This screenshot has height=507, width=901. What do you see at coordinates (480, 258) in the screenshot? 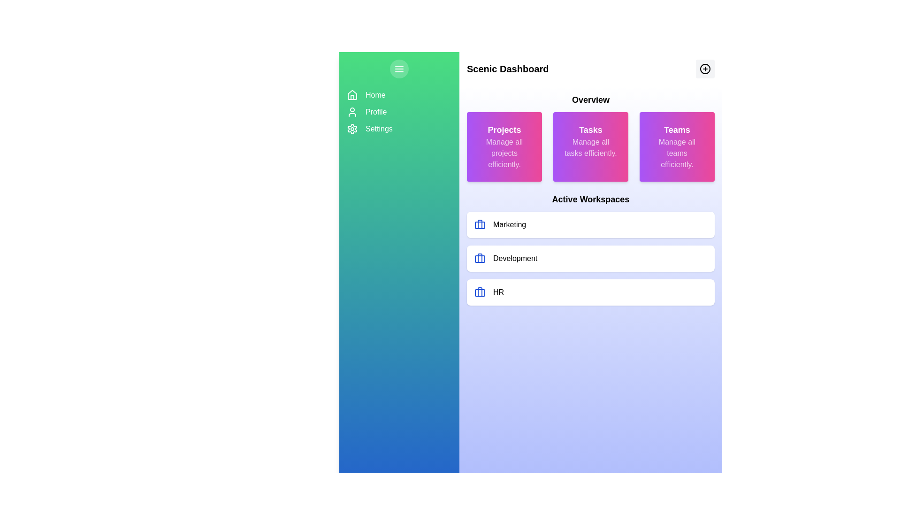
I see `the 'Development' workspace icon, which resembles a briefcase and is located under the 'Overview' section` at bounding box center [480, 258].